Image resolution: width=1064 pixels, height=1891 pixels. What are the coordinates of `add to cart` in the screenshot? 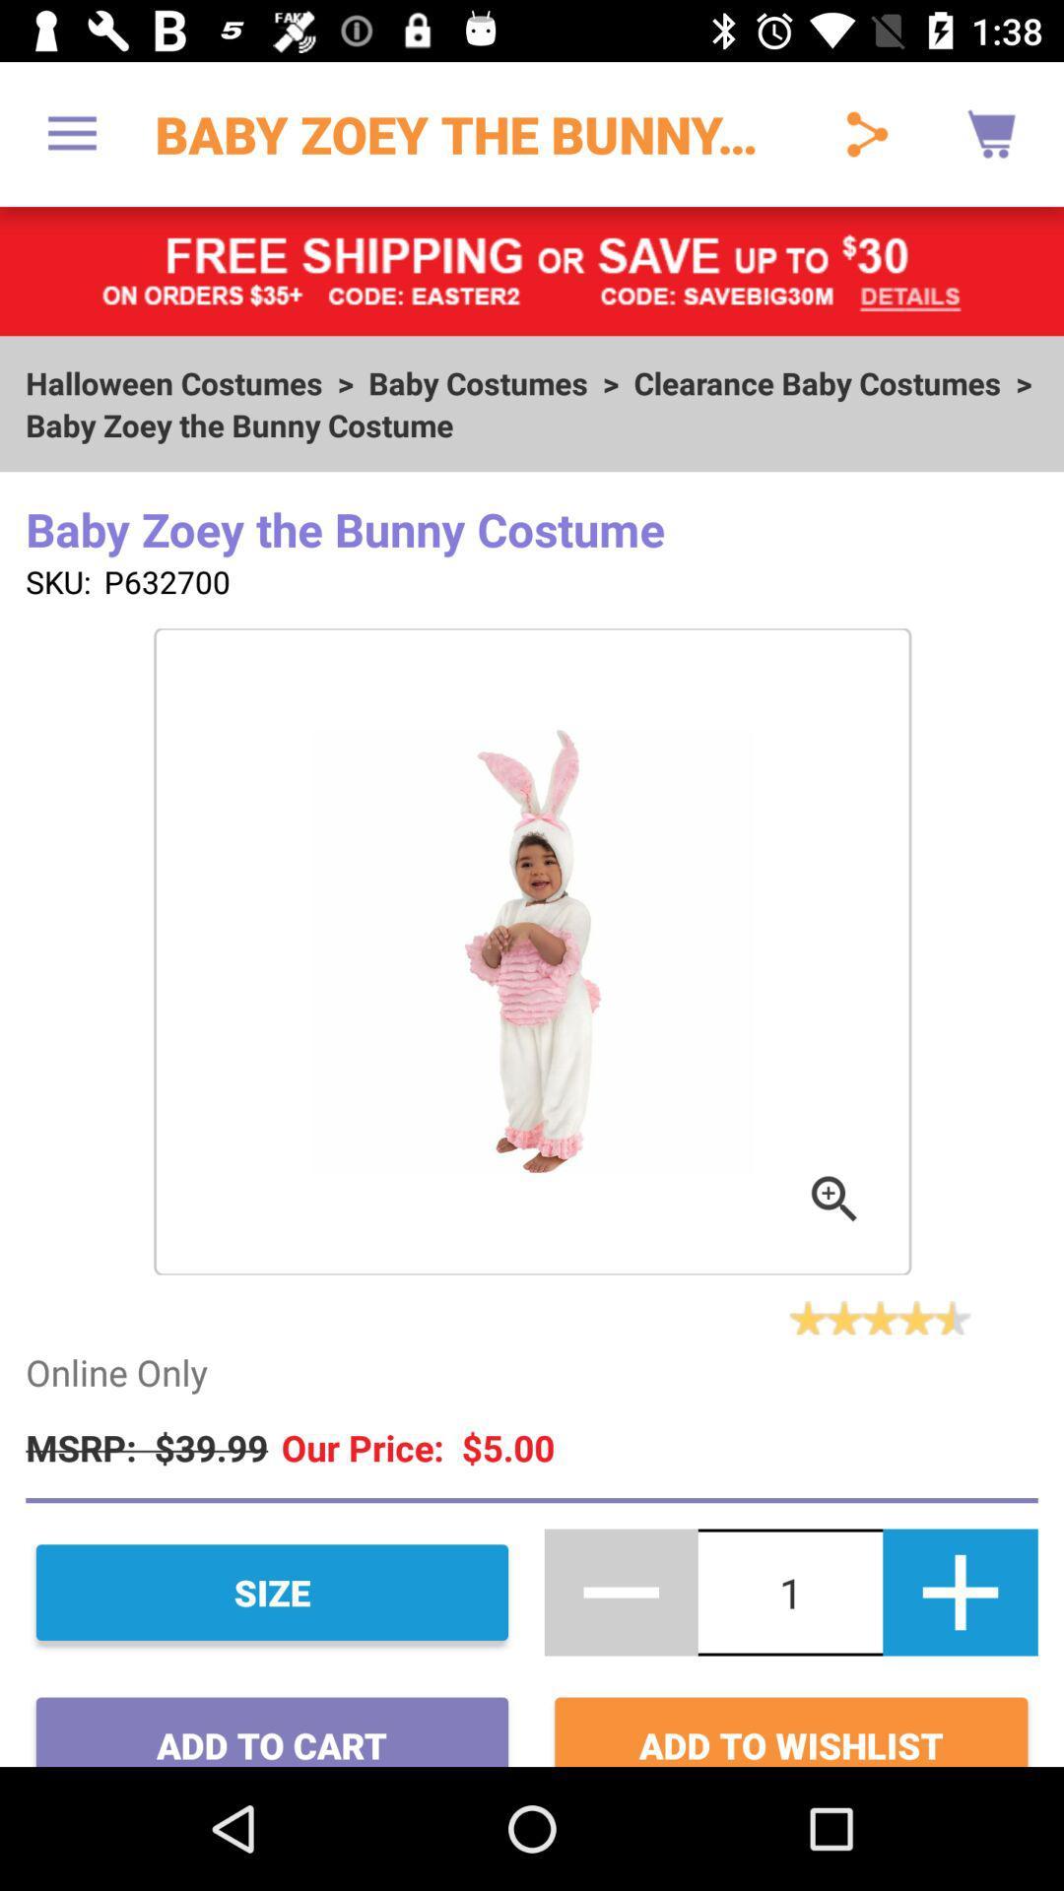 It's located at (272, 1724).